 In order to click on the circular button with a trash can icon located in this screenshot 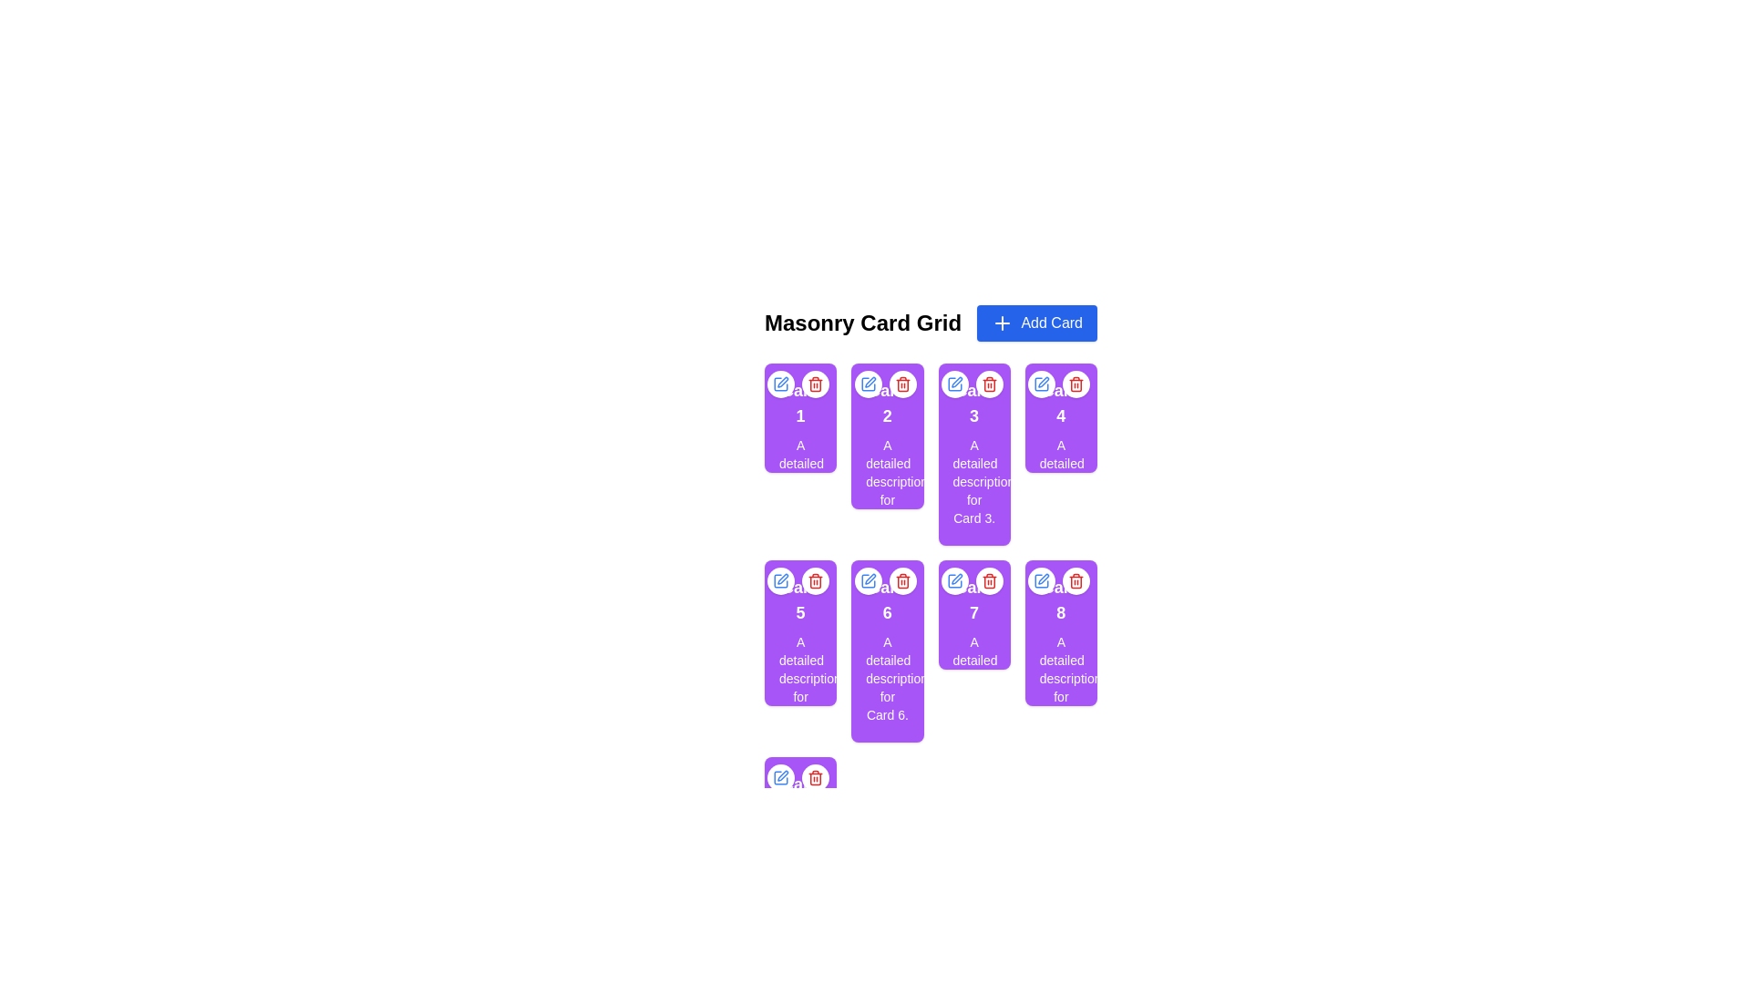, I will do `click(988, 580)`.